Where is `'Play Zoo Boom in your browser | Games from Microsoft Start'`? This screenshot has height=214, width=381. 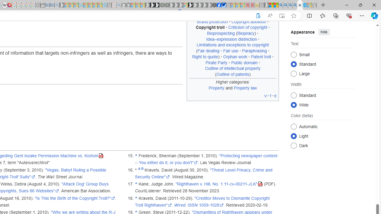 'Play Zoo Boom in your browser | Games from Microsoft Start' is located at coordinates (152, 5).